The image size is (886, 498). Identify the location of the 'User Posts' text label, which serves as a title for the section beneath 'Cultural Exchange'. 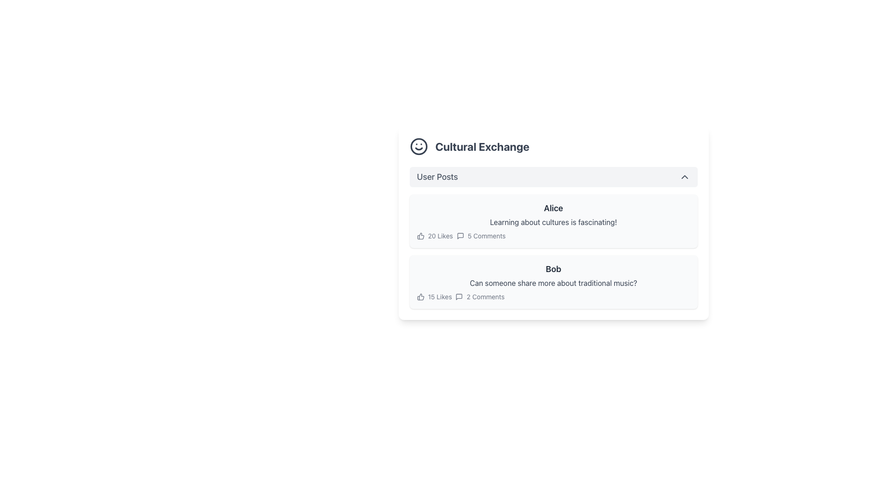
(437, 177).